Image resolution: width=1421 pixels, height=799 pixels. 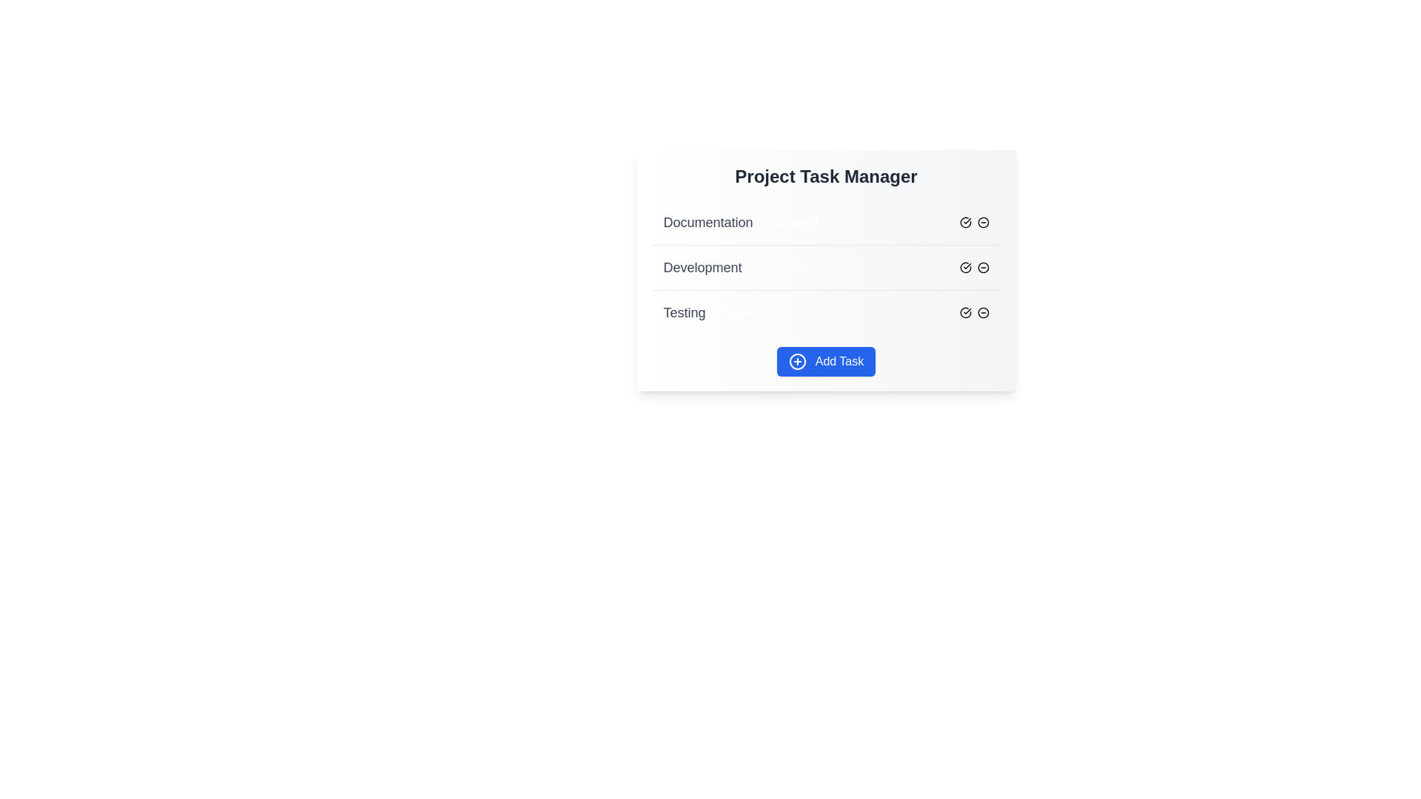 I want to click on the button at the bottom of the task management panel, so click(x=825, y=362).